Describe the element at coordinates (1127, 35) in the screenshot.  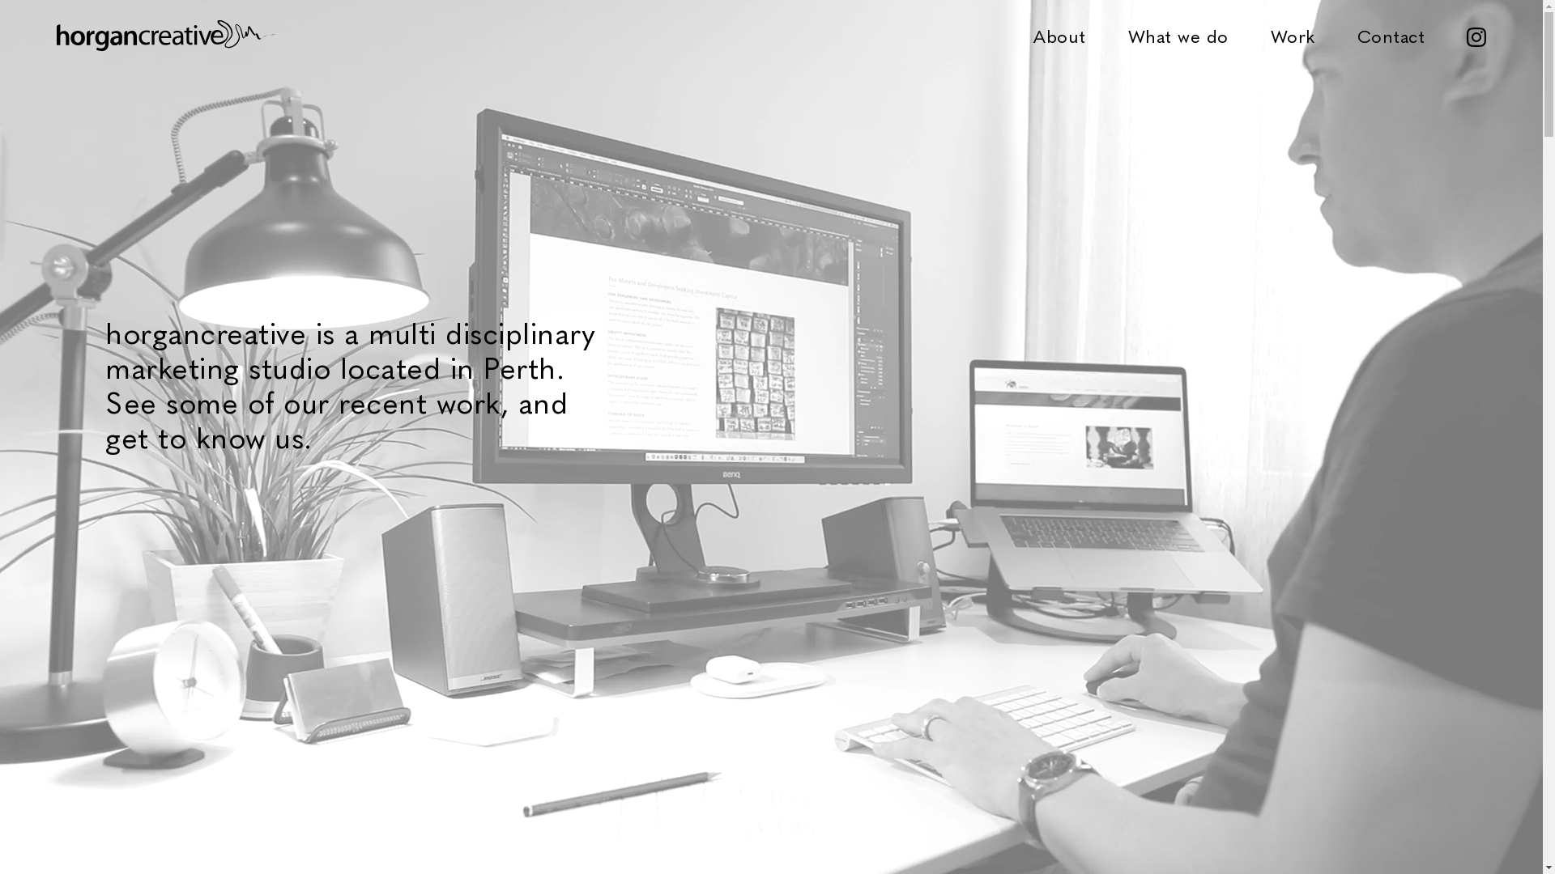
I see `'What we do'` at that location.